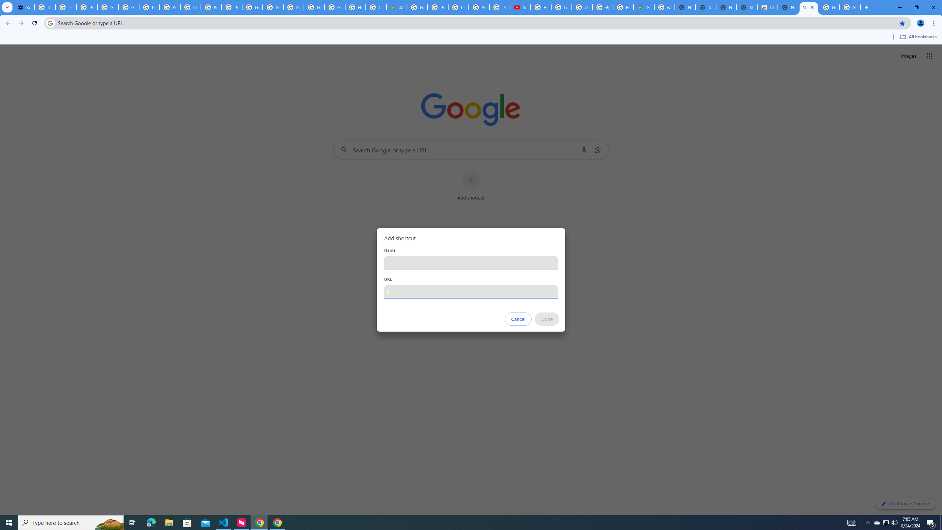  I want to click on 'Cancel', so click(518, 319).